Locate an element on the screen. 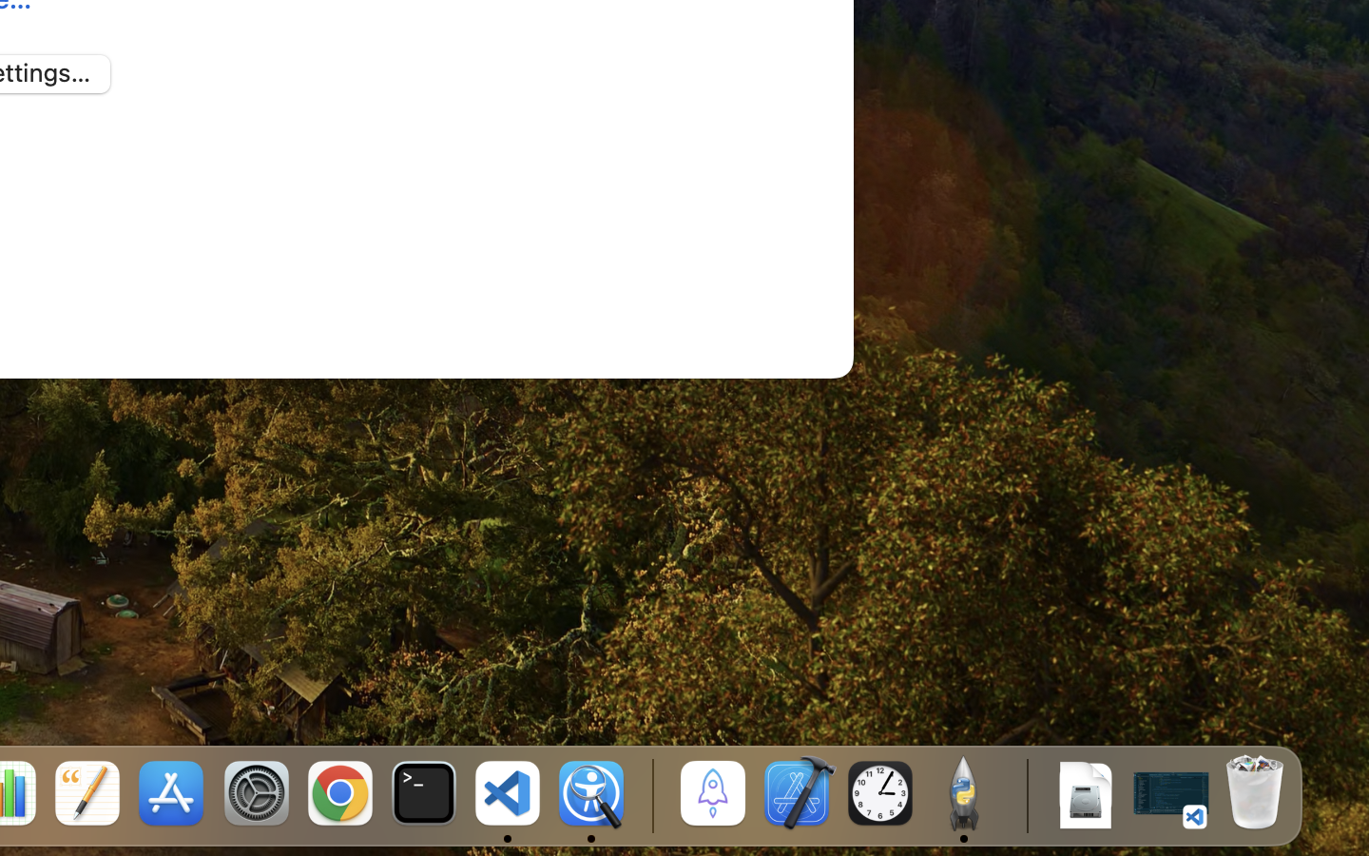  '0.4285714328289032' is located at coordinates (651, 794).